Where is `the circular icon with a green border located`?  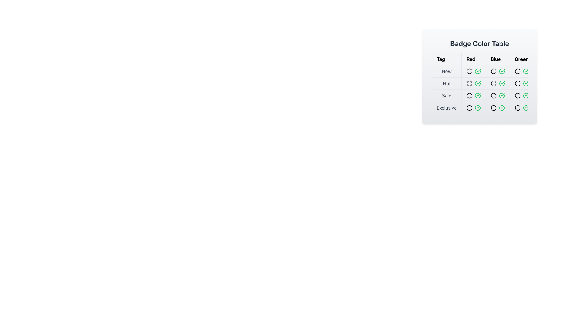
the circular icon with a green border located is located at coordinates (517, 108).